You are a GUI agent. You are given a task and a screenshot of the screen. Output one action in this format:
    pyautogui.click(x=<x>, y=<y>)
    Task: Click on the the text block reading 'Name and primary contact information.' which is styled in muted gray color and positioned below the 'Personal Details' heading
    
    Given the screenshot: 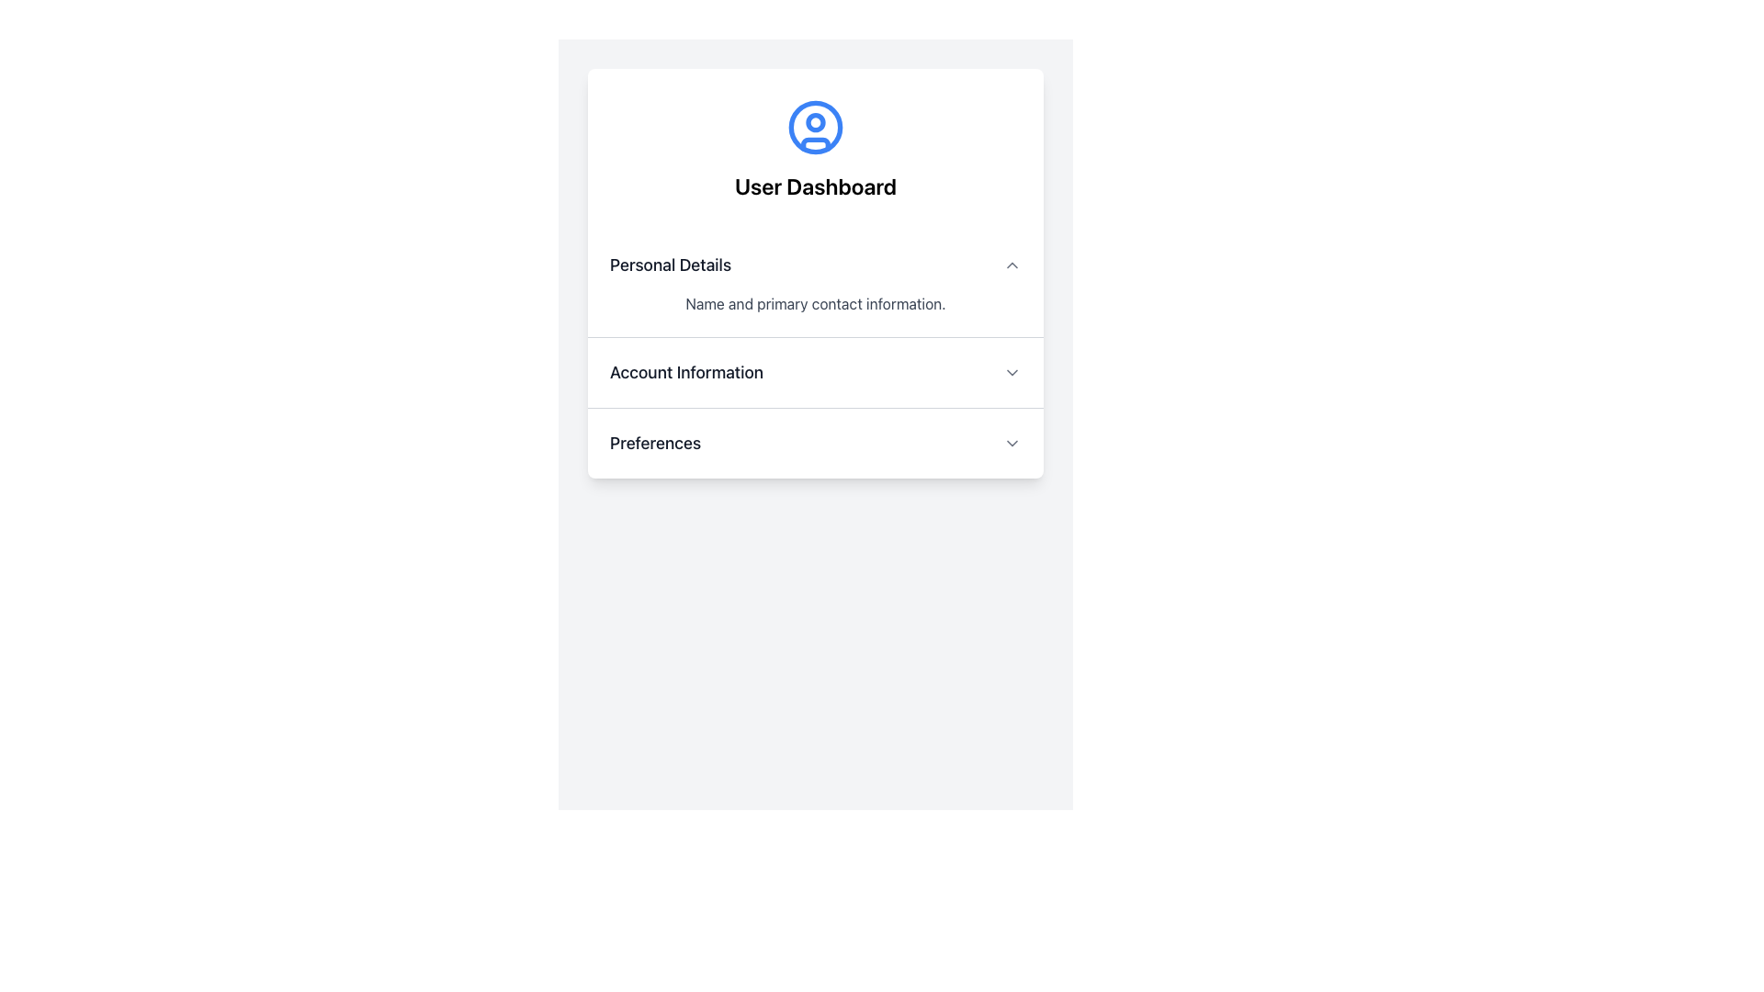 What is the action you would take?
    pyautogui.click(x=815, y=303)
    